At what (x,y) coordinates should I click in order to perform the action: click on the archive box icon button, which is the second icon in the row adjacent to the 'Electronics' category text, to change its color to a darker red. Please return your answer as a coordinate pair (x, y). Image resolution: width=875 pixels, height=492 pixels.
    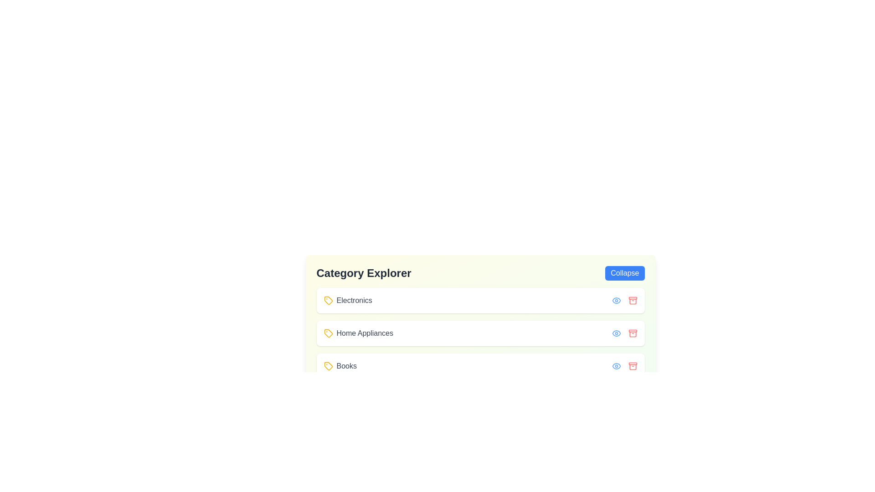
    Looking at the image, I should click on (632, 300).